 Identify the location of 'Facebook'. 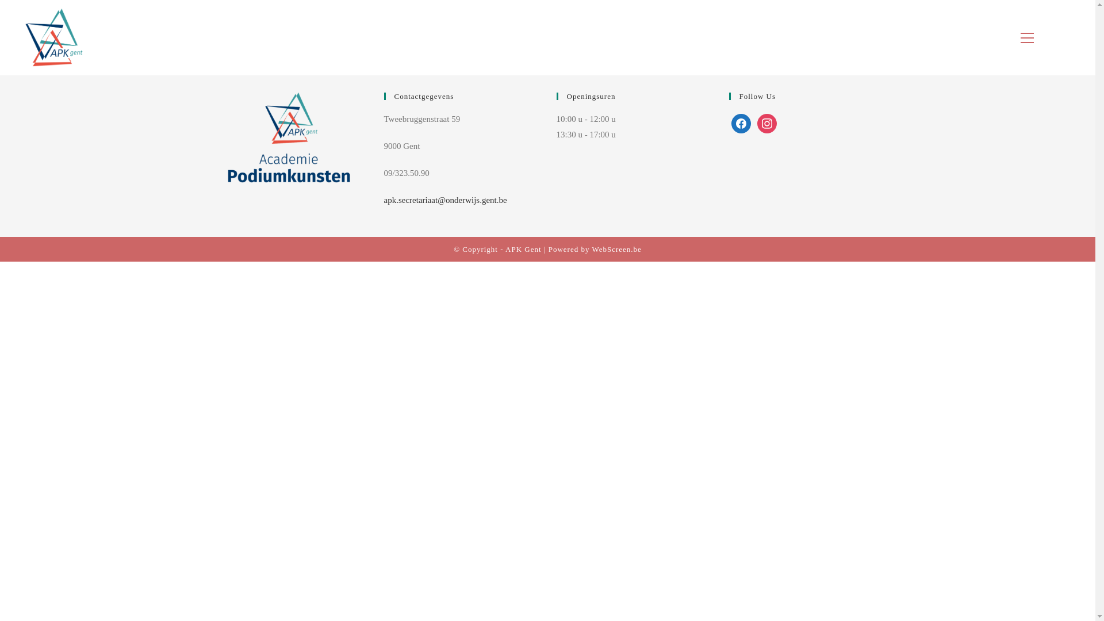
(741, 122).